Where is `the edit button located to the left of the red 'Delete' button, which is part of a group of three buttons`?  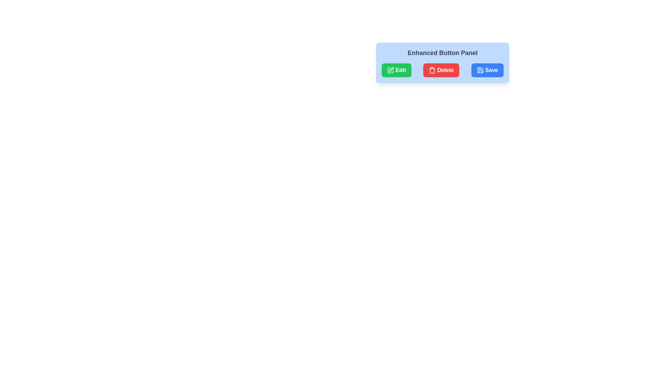 the edit button located to the left of the red 'Delete' button, which is part of a group of three buttons is located at coordinates (397, 70).